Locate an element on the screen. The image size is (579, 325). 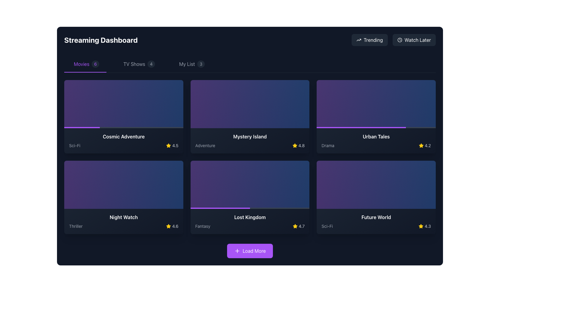
the Number badge containing the number '6', which has a dark gray background and is located adjacent to the 'Movies' label is located at coordinates (95, 64).